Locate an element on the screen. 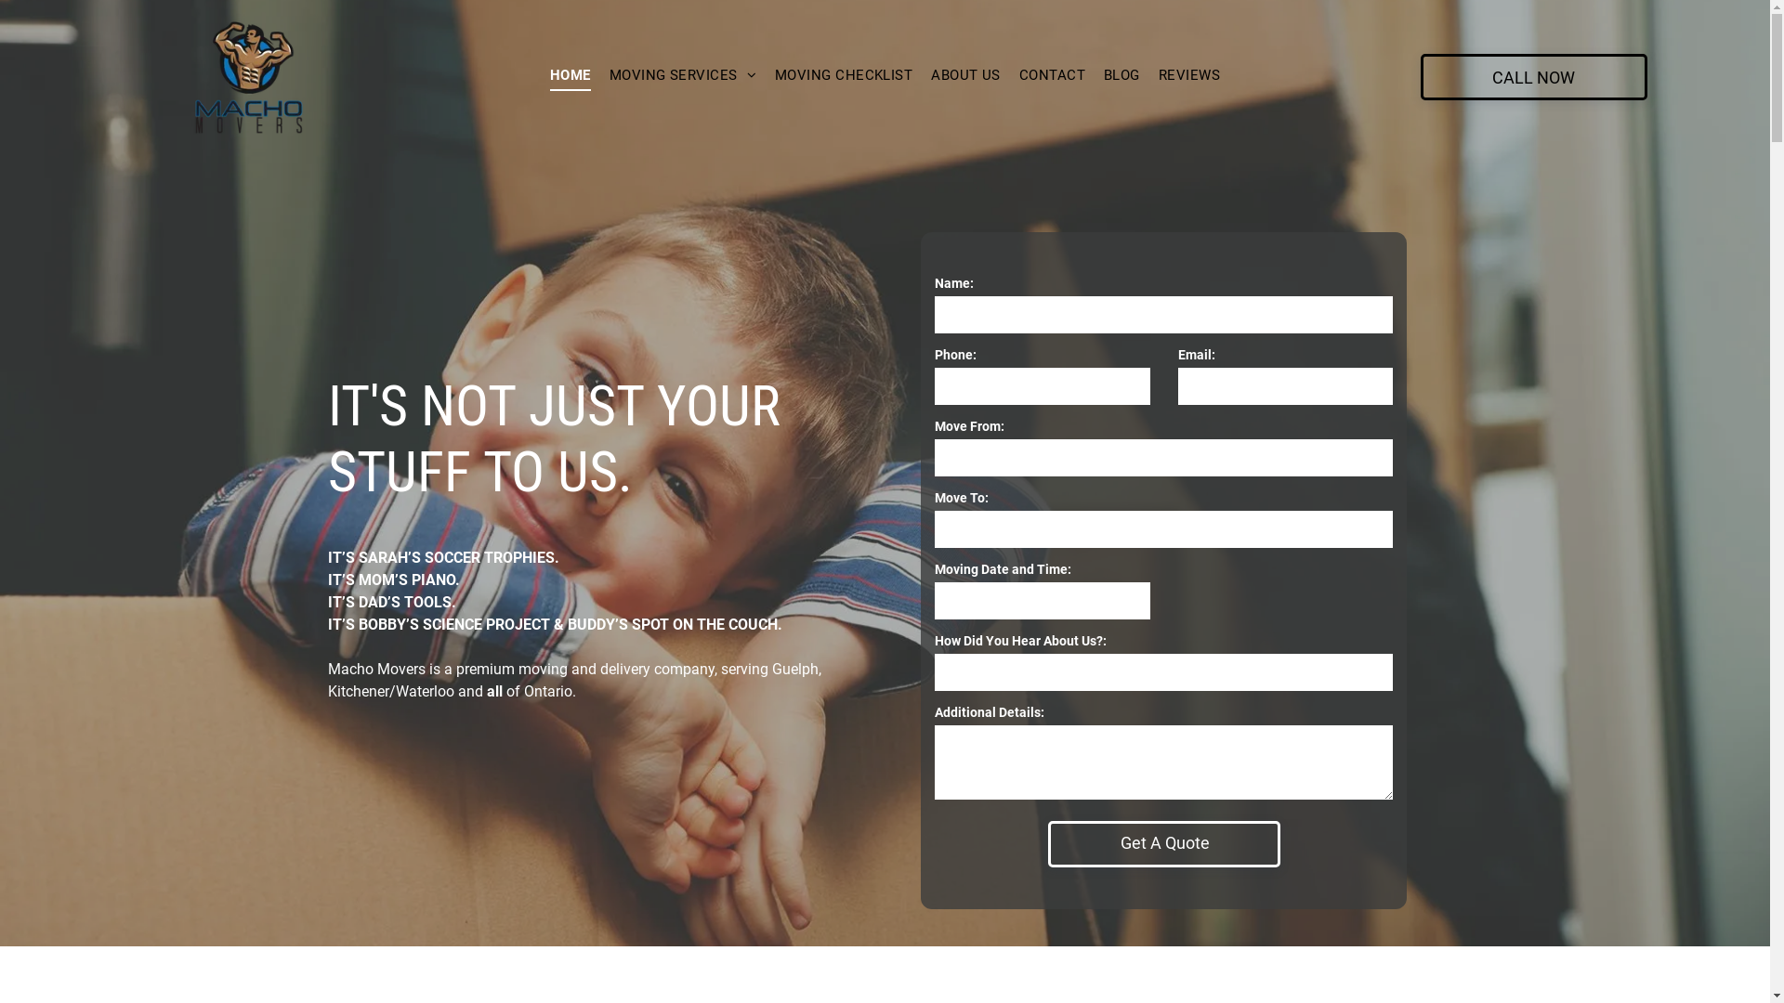 The height and width of the screenshot is (1003, 1784). 'HOME' is located at coordinates (570, 74).